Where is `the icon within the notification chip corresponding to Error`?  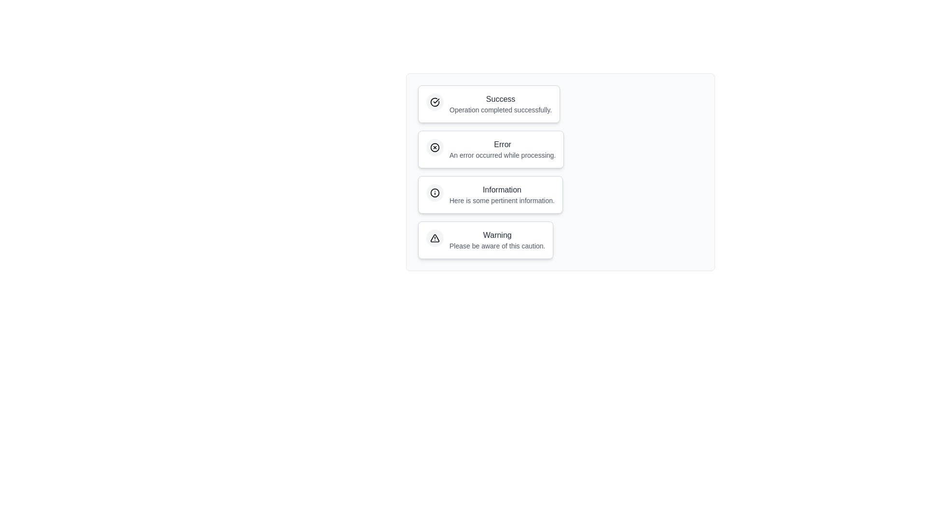
the icon within the notification chip corresponding to Error is located at coordinates (435, 147).